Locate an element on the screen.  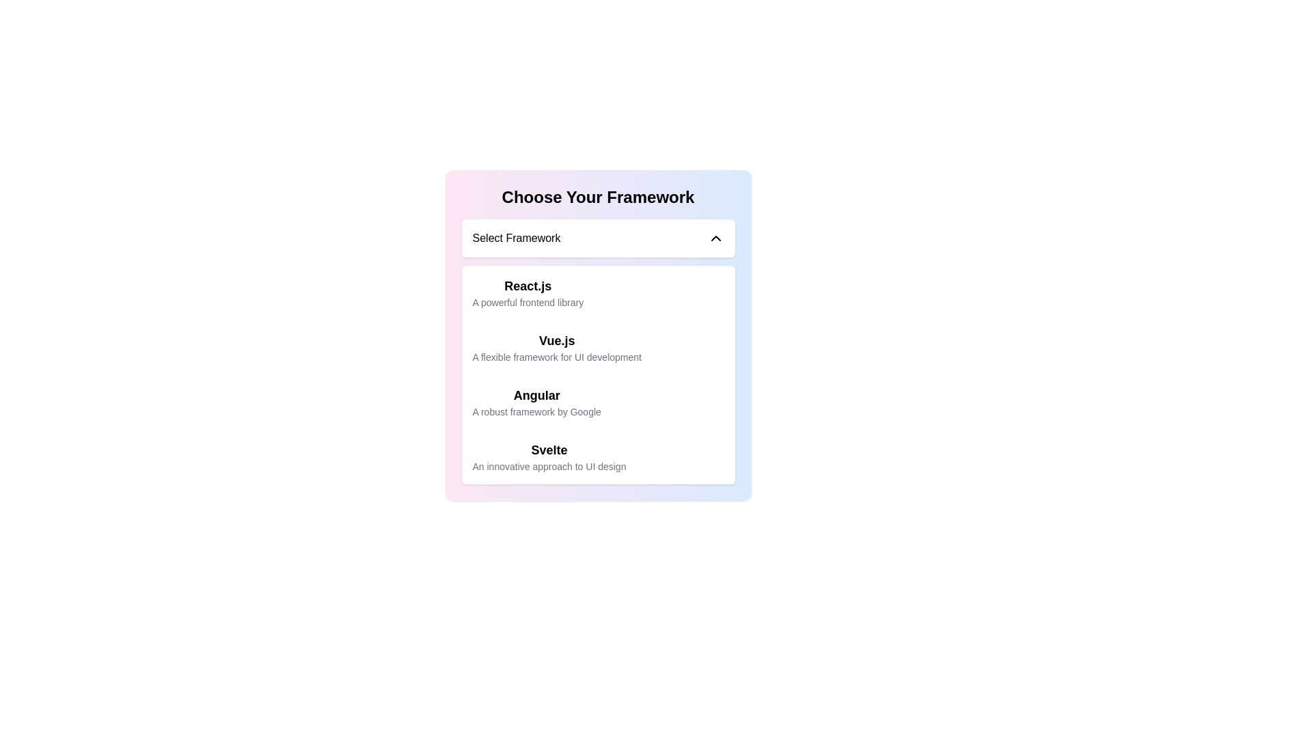
the chevron icon next to the 'Select Framework' button is located at coordinates (715, 237).